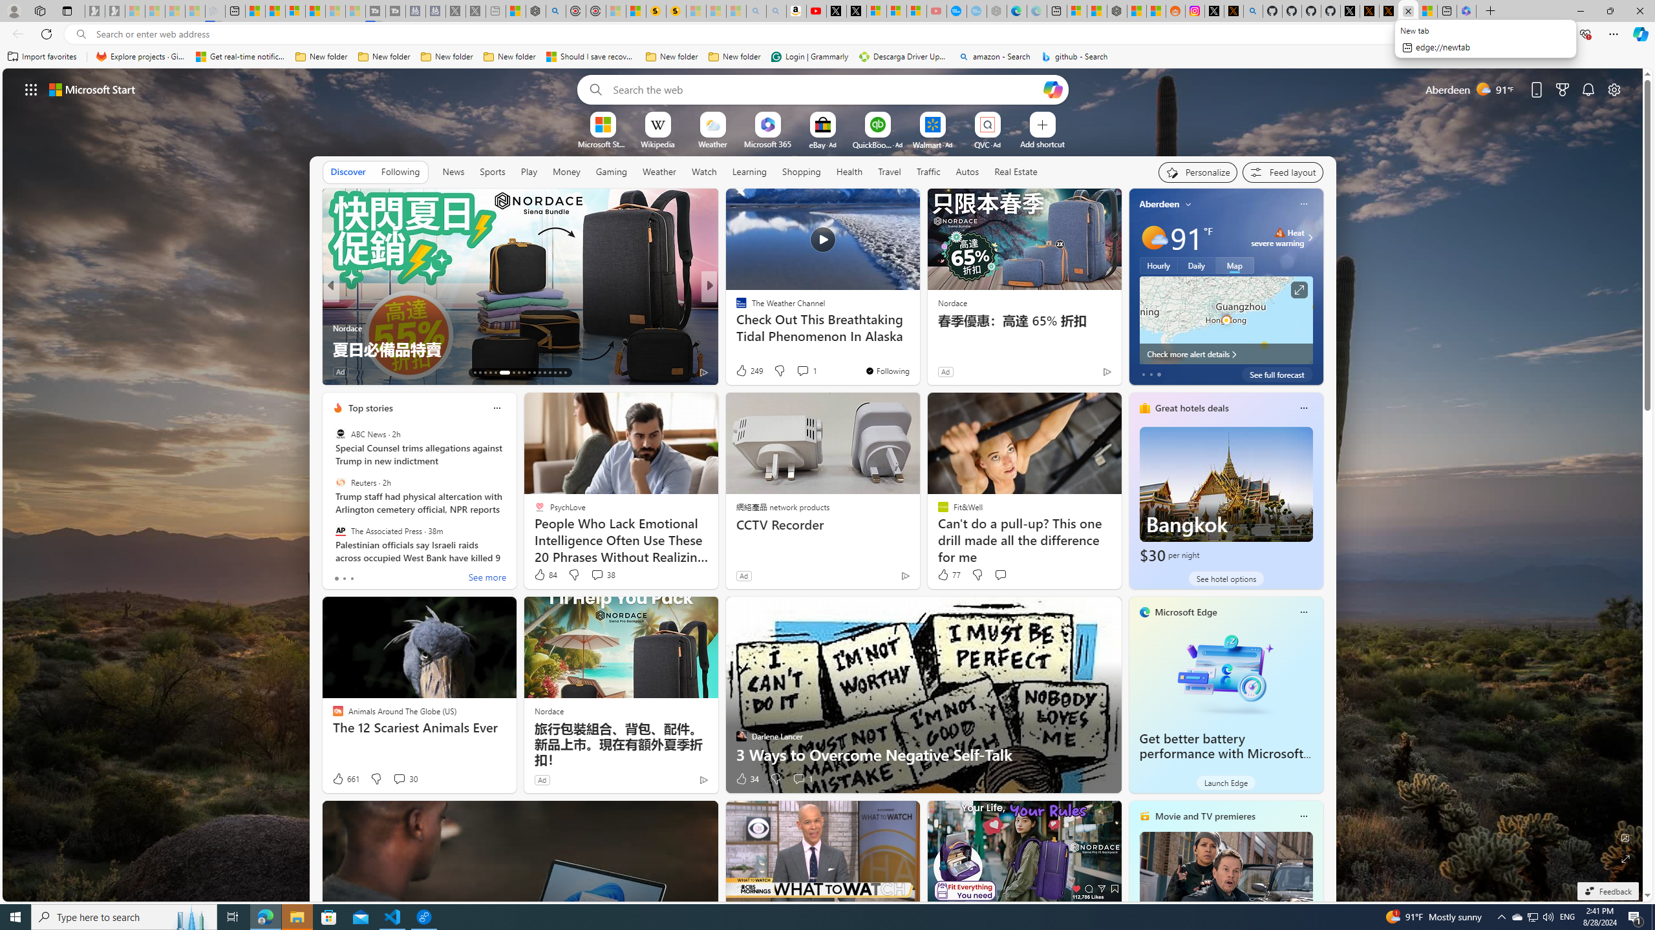 The height and width of the screenshot is (930, 1655). What do you see at coordinates (1015, 170) in the screenshot?
I see `'Real Estate'` at bounding box center [1015, 170].